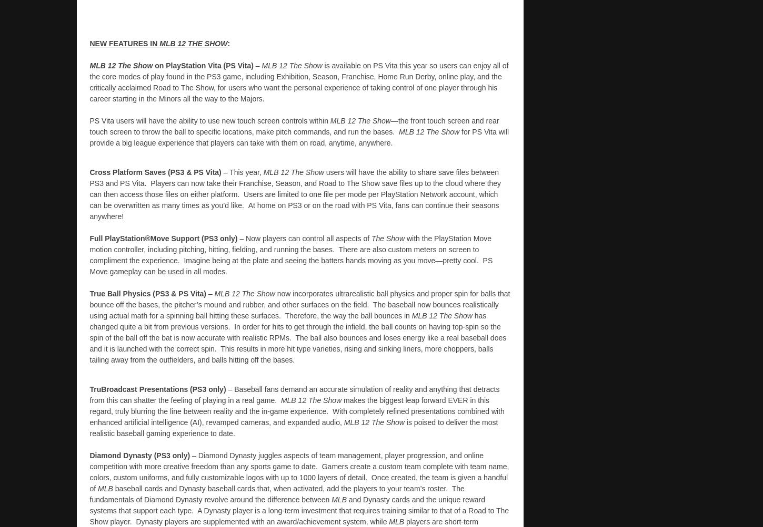 This screenshot has height=527, width=763. What do you see at coordinates (88, 493) in the screenshot?
I see `'baseball cards and Dynasty baseball cards that, when activated, add the players to your team’s roster.  The fundamentals of Diamond Dynasty revolve around the difference between'` at bounding box center [88, 493].